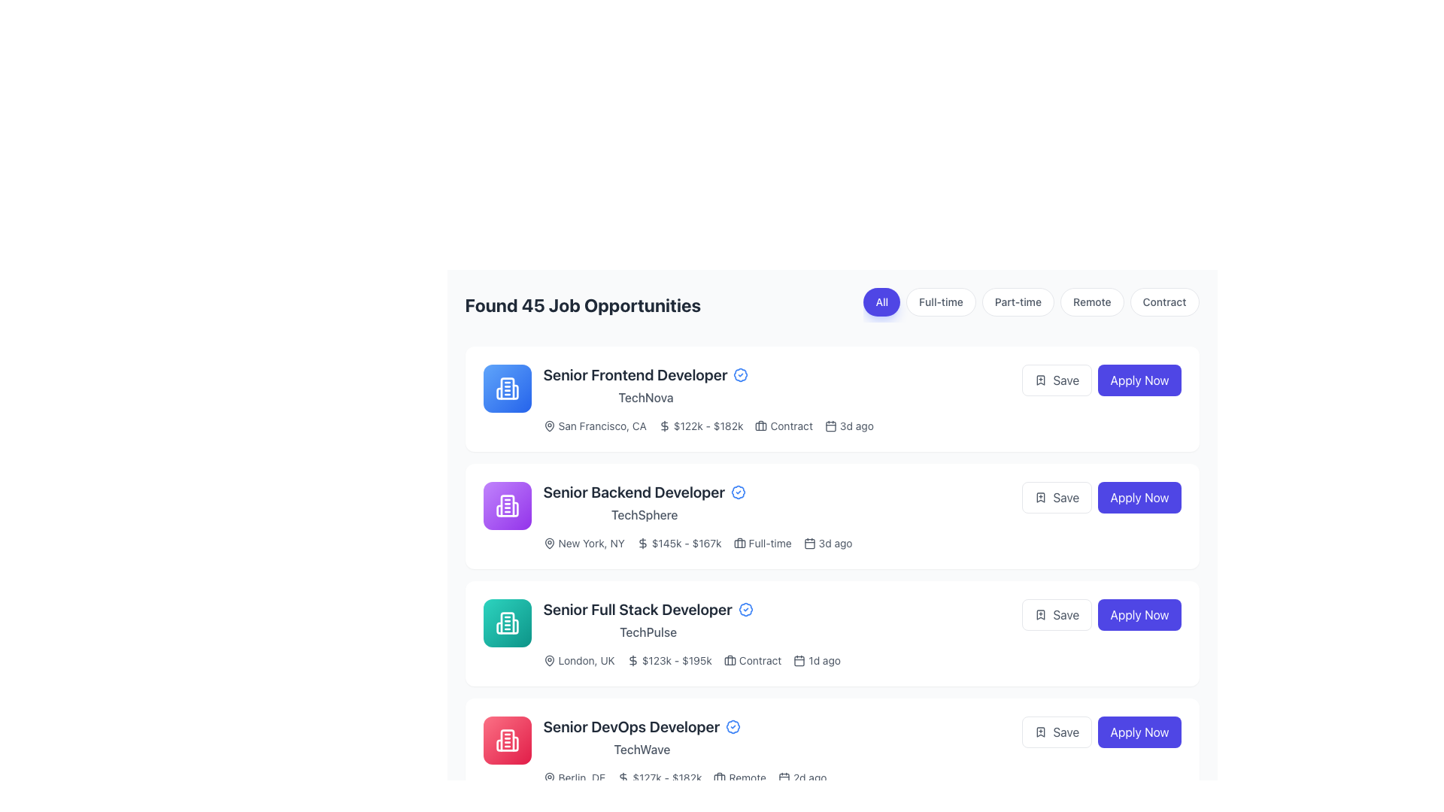 The image size is (1444, 812). What do you see at coordinates (862, 736) in the screenshot?
I see `the 'Apply Now' button on the fourth job listing row for the position of 'Senior DevOps Developer' at 'TechWave'` at bounding box center [862, 736].